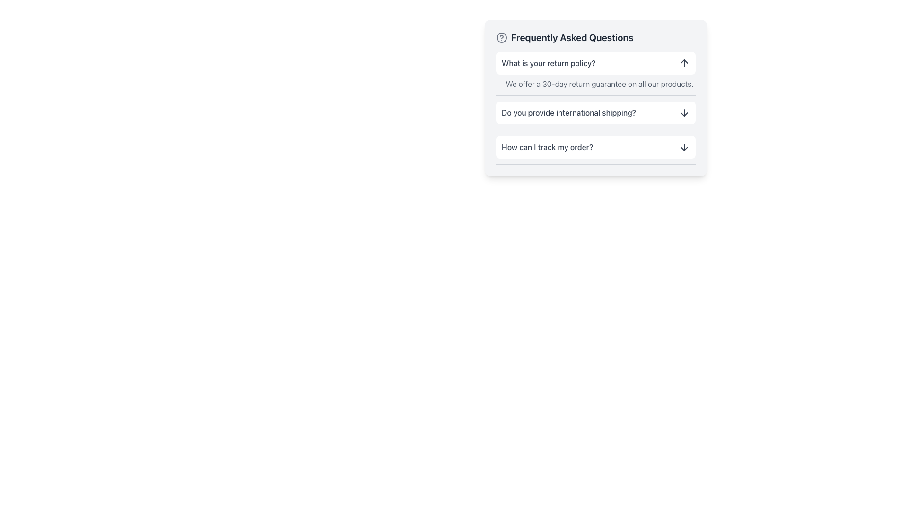 Image resolution: width=908 pixels, height=510 pixels. I want to click on the circular icon with a question mark located adjacent to the text 'Frequently Asked Questions', so click(501, 37).